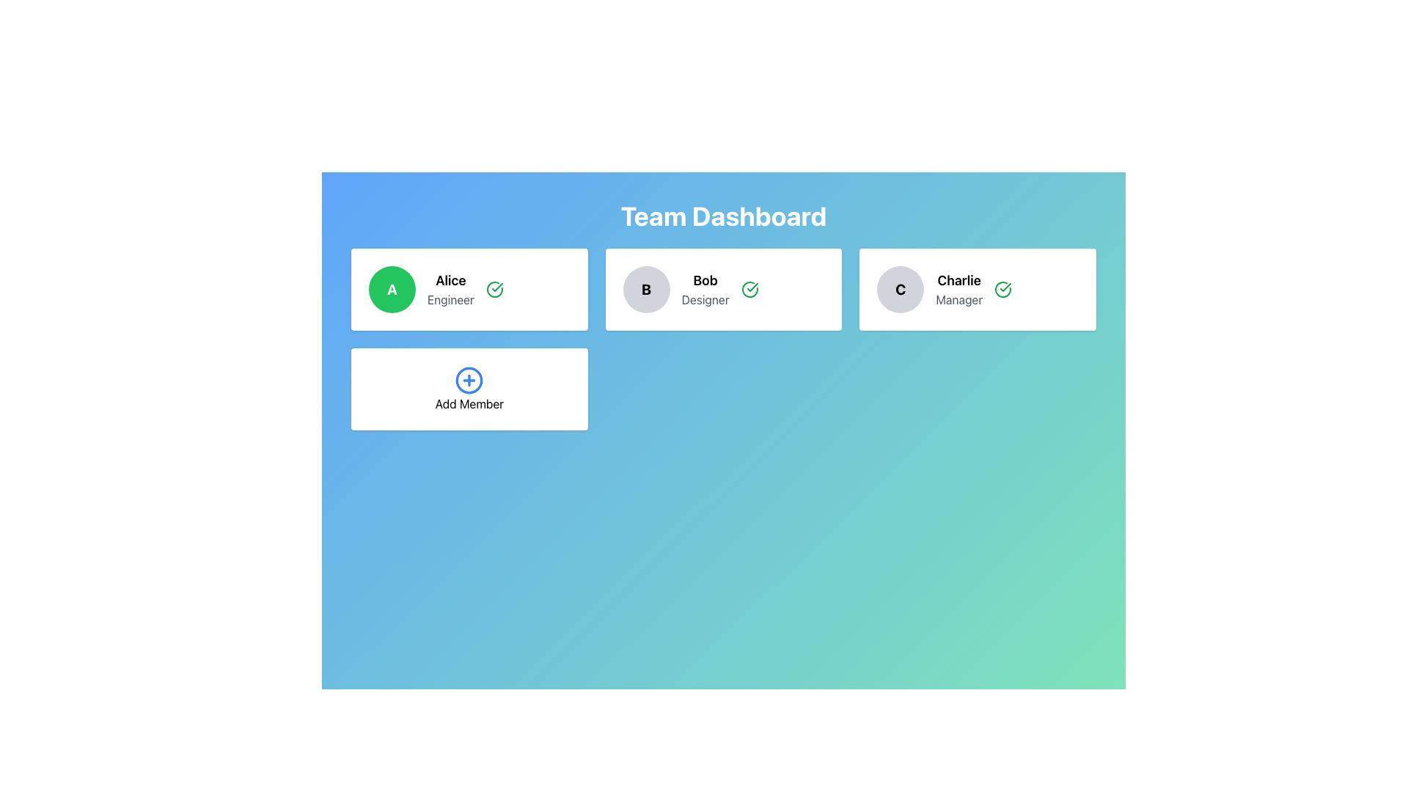  What do you see at coordinates (749, 289) in the screenshot?
I see `the completion icon located` at bounding box center [749, 289].